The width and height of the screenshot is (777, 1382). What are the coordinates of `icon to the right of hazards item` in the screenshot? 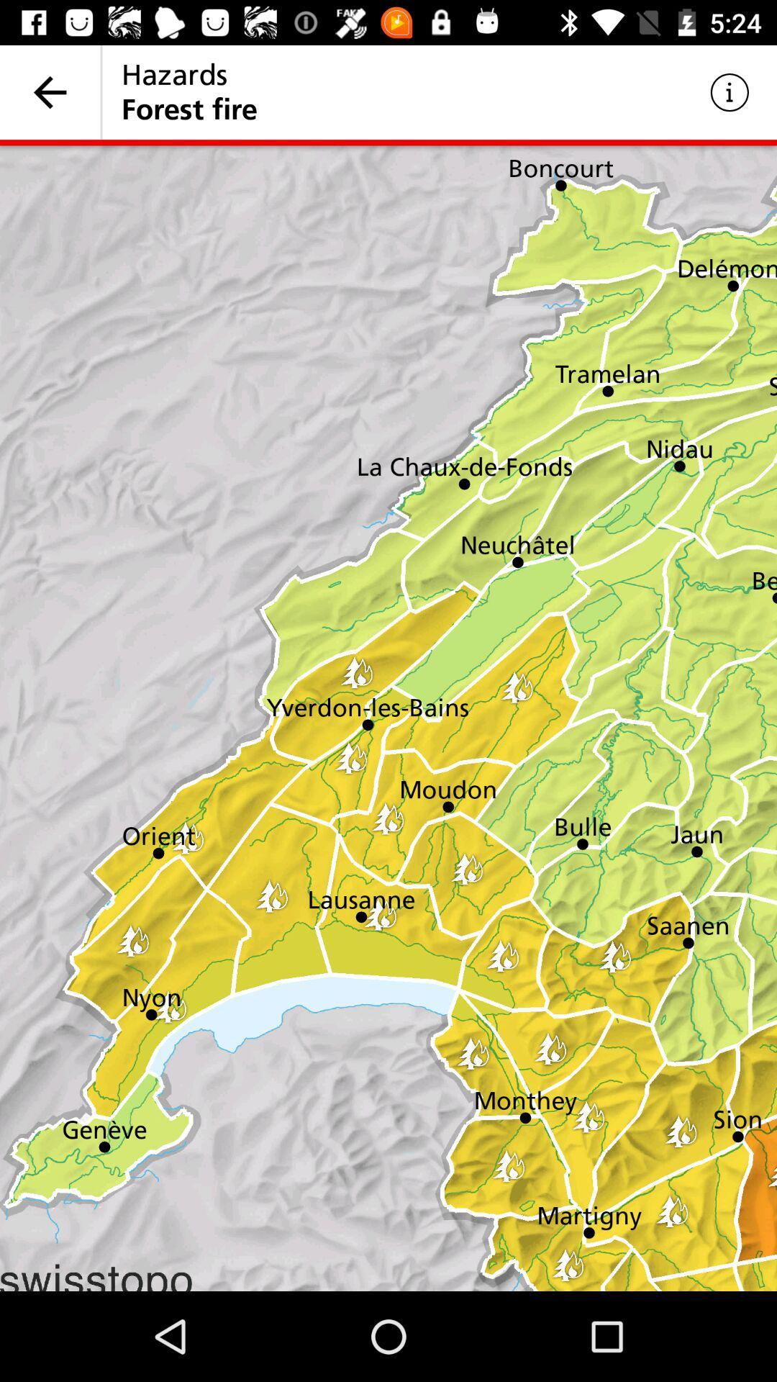 It's located at (730, 91).